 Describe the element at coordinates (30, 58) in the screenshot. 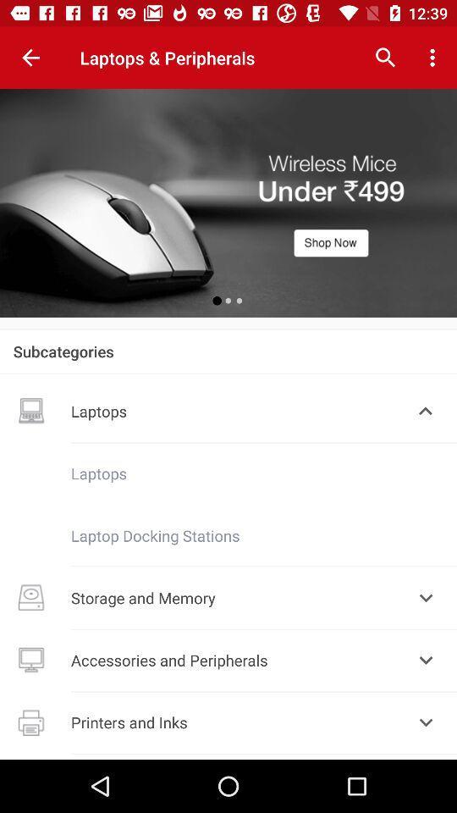

I see `the icon at the top left corner` at that location.